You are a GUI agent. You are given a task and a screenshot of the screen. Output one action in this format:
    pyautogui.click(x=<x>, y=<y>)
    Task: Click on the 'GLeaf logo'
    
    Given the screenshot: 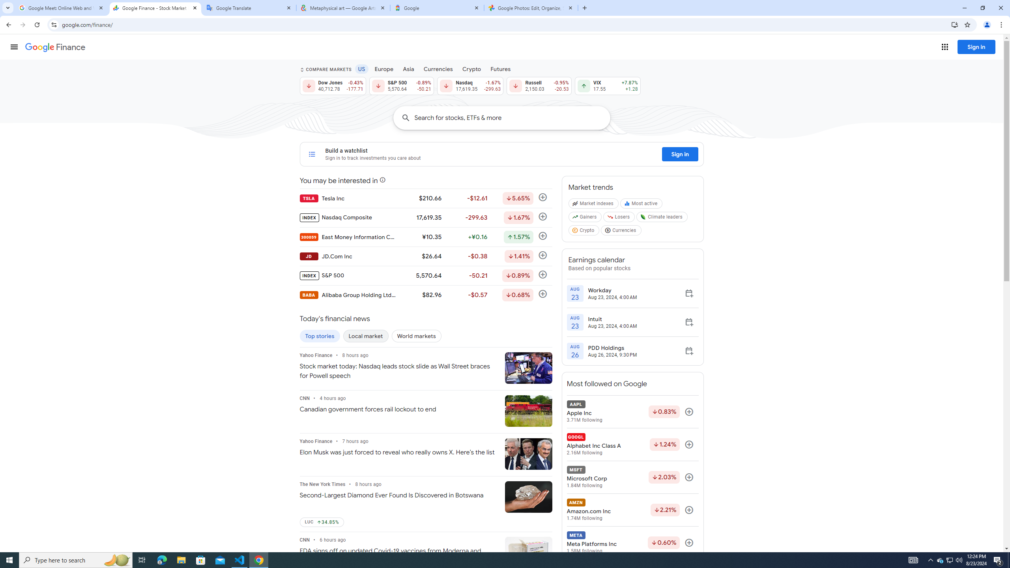 What is the action you would take?
    pyautogui.click(x=643, y=217)
    